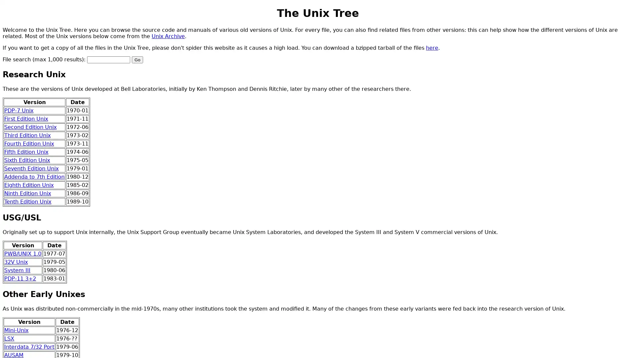 Image resolution: width=636 pixels, height=358 pixels. I want to click on Go, so click(137, 59).